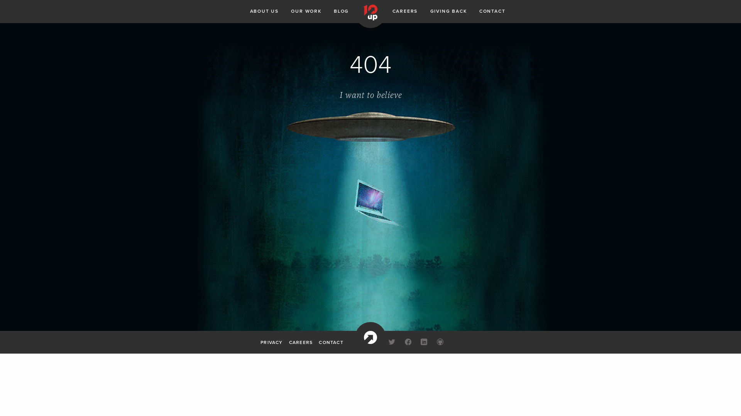 The height and width of the screenshot is (416, 741). I want to click on 'PRIVACY', so click(271, 341).